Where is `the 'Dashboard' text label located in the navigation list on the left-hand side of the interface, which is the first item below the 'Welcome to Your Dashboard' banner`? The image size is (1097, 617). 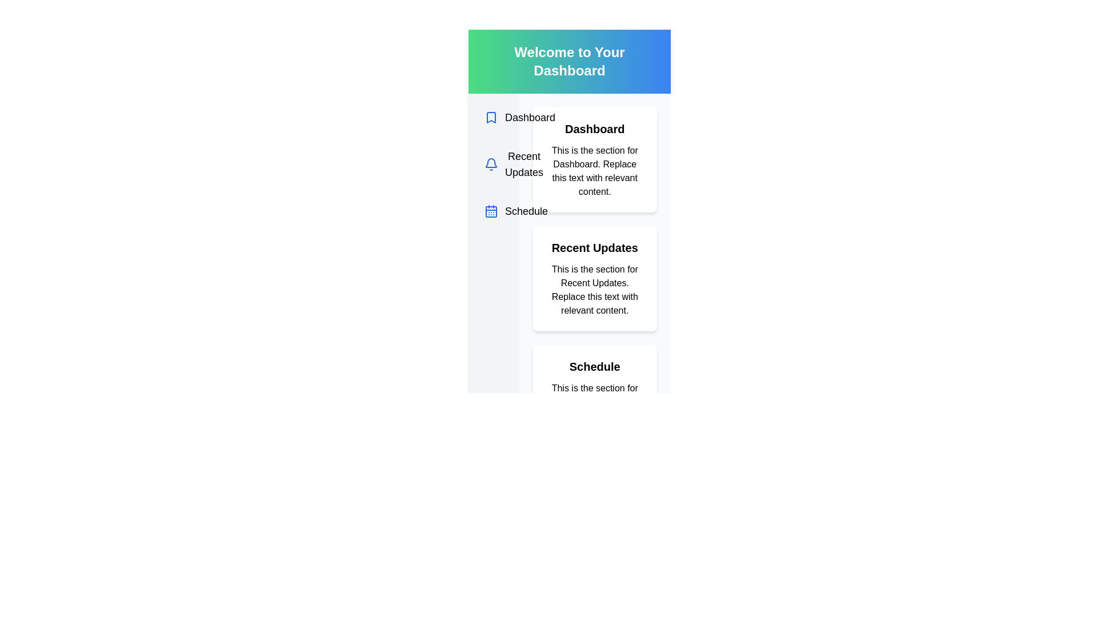 the 'Dashboard' text label located in the navigation list on the left-hand side of the interface, which is the first item below the 'Welcome to Your Dashboard' banner is located at coordinates (529, 117).